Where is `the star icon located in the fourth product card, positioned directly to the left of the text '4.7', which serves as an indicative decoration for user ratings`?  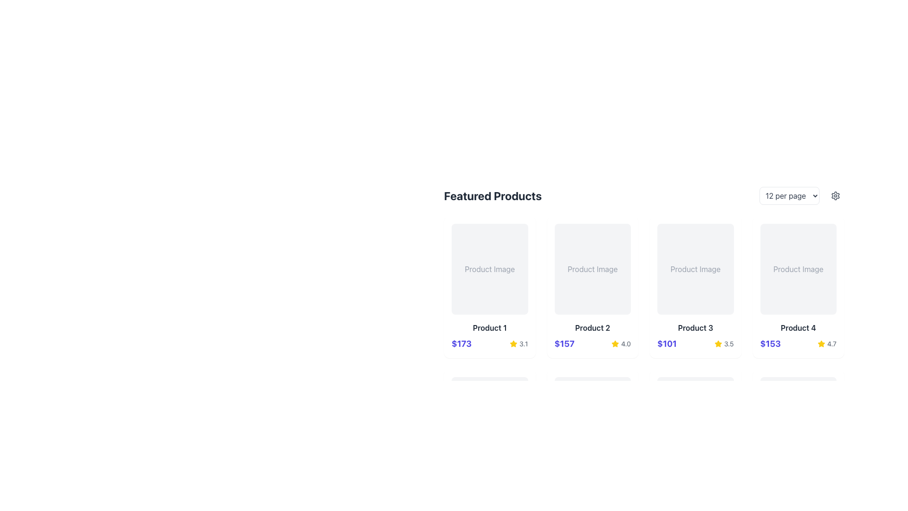 the star icon located in the fourth product card, positioned directly to the left of the text '4.7', which serves as an indicative decoration for user ratings is located at coordinates (821, 344).